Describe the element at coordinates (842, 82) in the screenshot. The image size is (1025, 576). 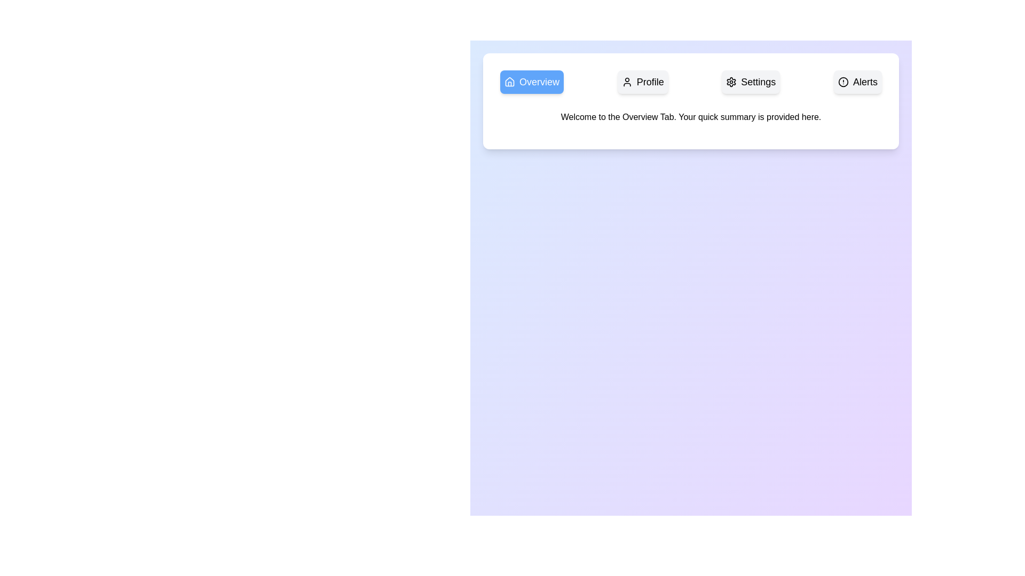
I see `the decorative or informational alert icon located at the leftmost position of the 'Alerts' button in the top-right area of the interface` at that location.